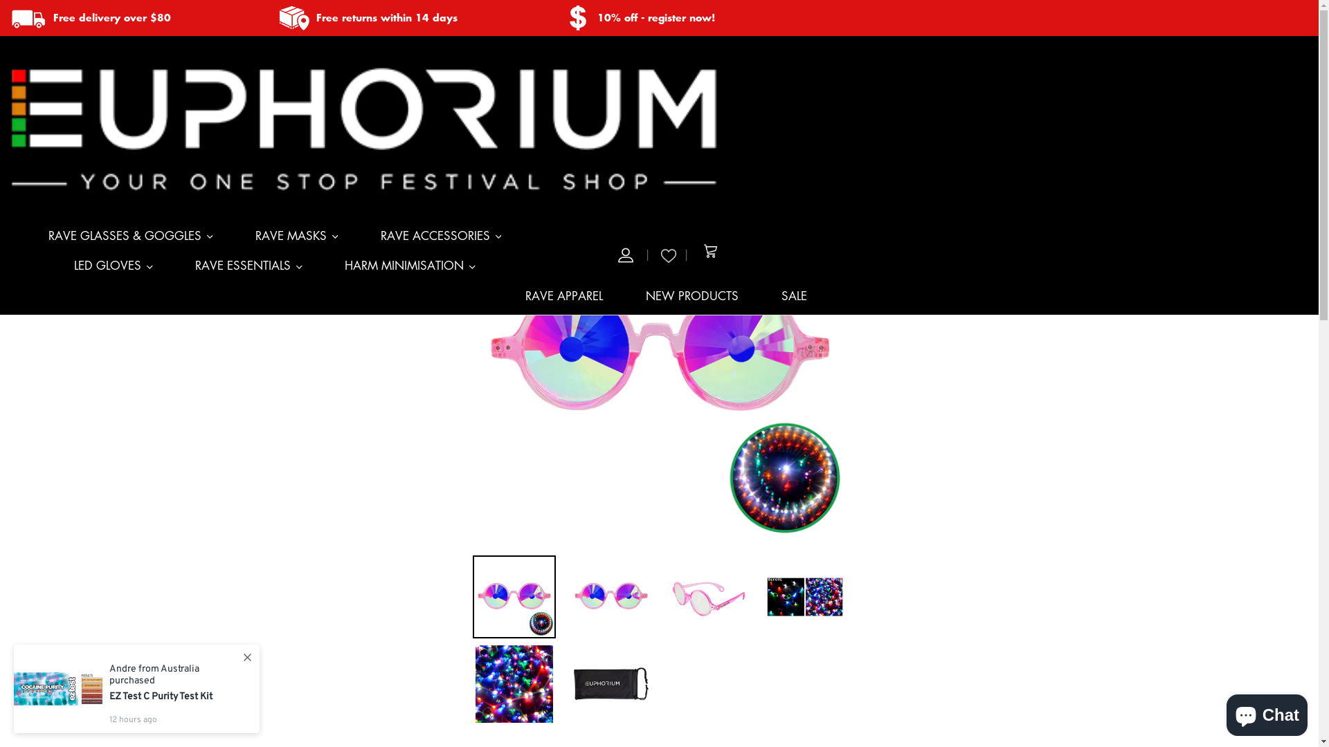 The width and height of the screenshot is (1329, 747). I want to click on 'Shopify online store chat', so click(1267, 712).